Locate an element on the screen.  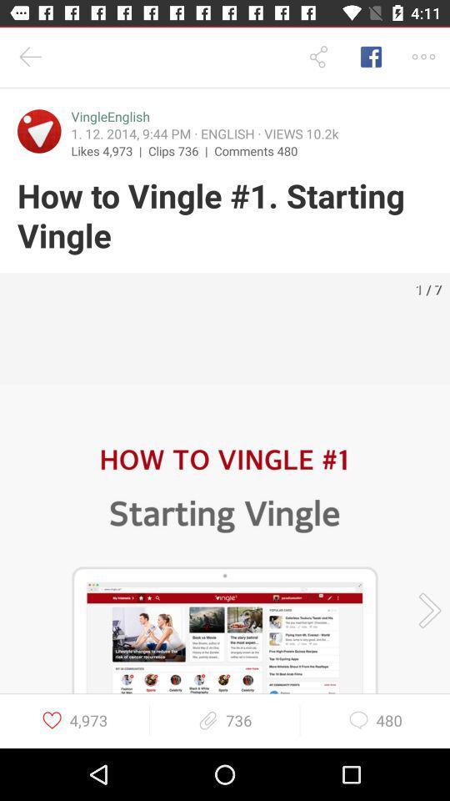
the item to the right of clips 736  | is located at coordinates (256, 149).